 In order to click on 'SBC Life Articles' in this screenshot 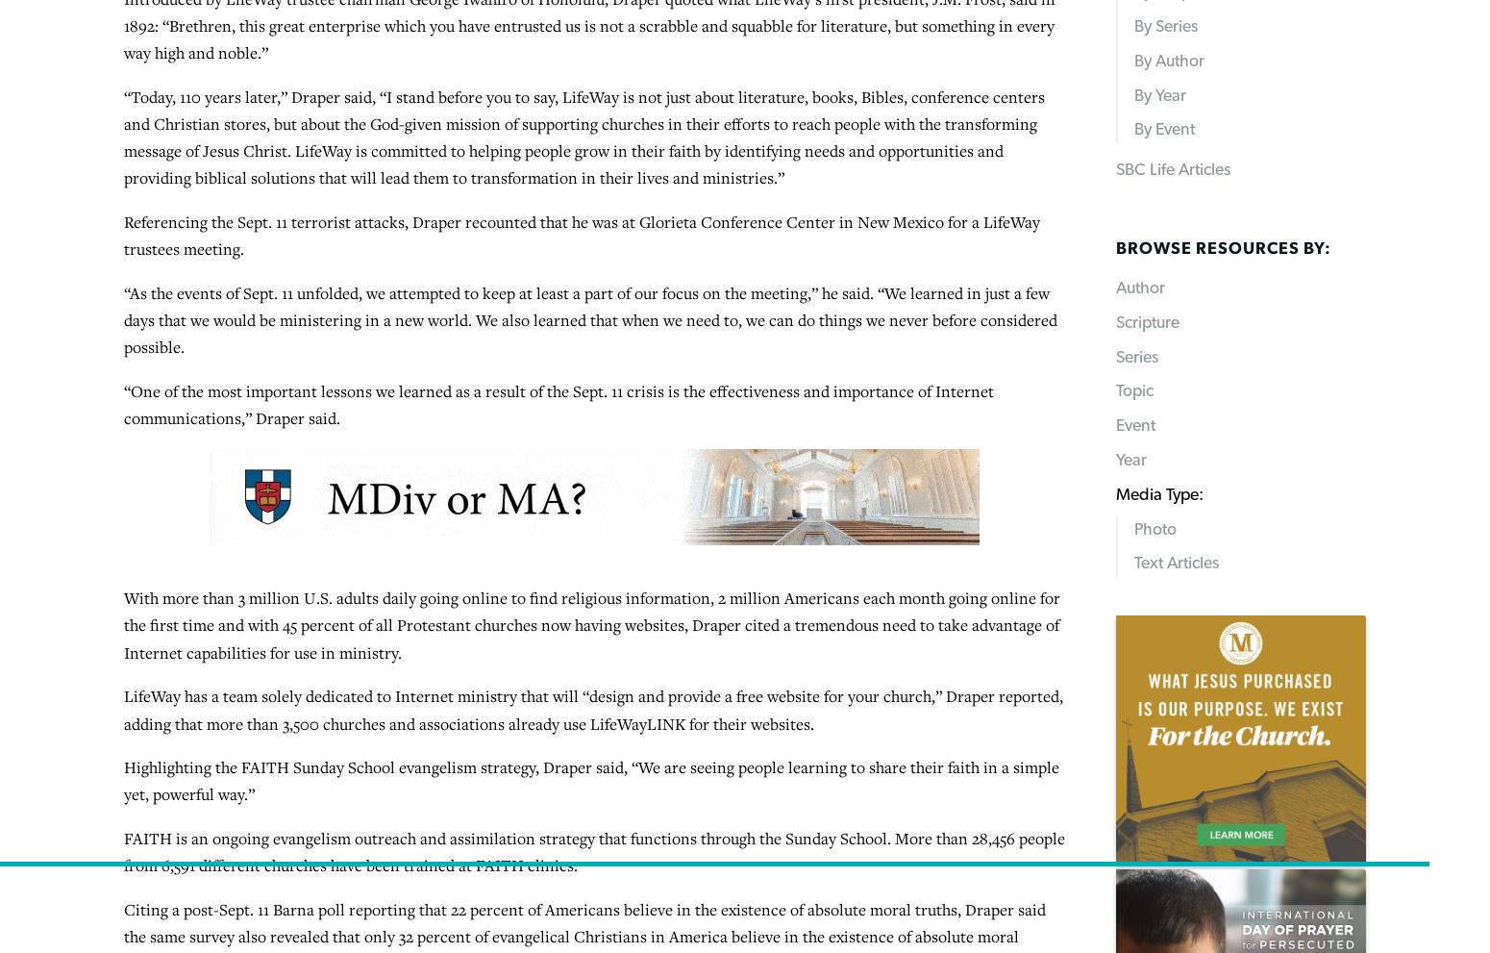, I will do `click(860, 854)`.